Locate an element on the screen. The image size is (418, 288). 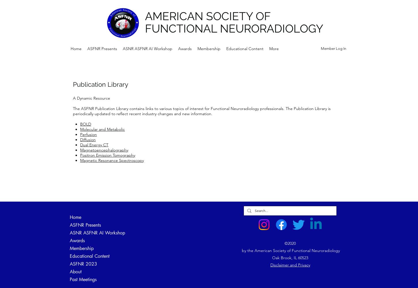
'Victor M. Haughton Honorary Lectures' is located at coordinates (187, 240).